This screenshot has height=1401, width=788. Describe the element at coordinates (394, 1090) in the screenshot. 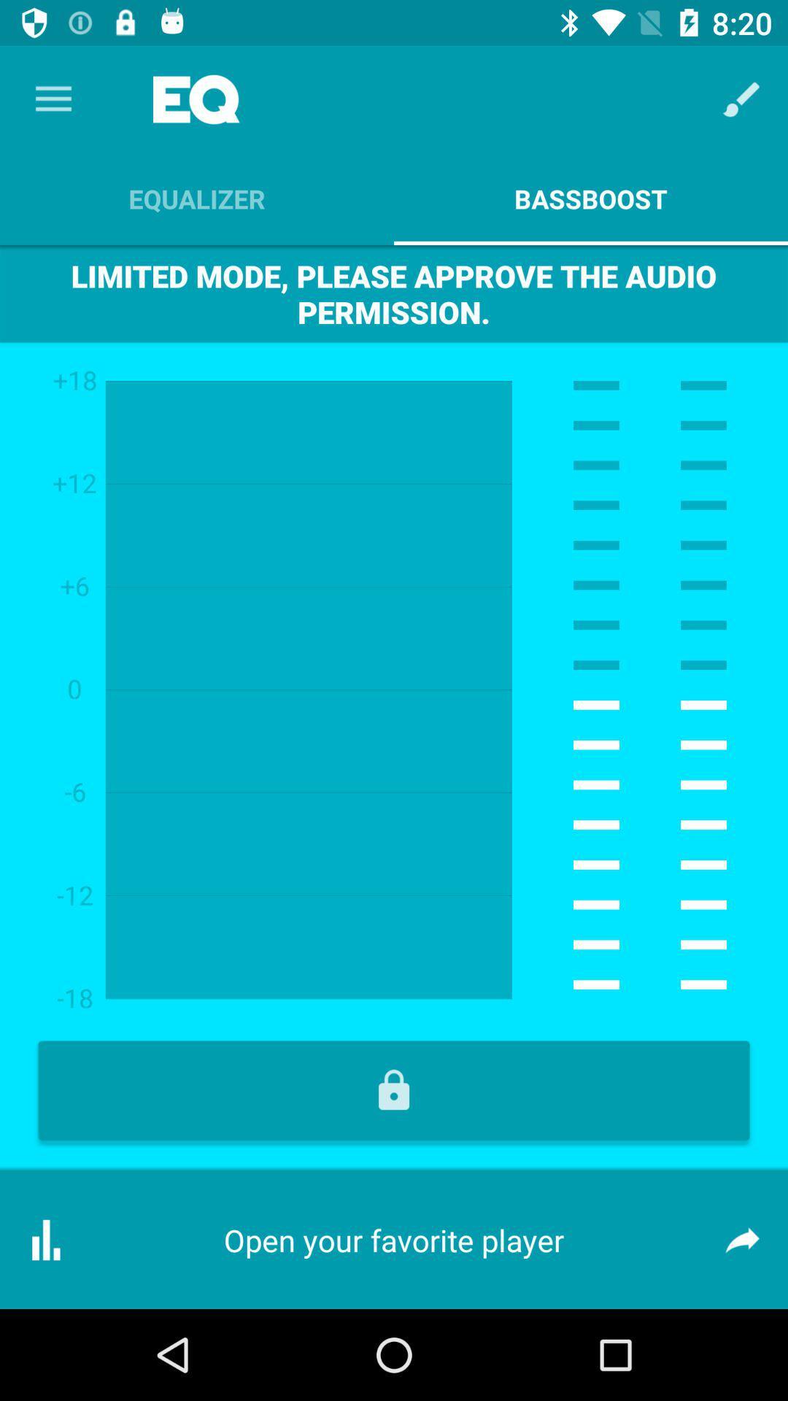

I see `the lock icon which is in the bottom` at that location.